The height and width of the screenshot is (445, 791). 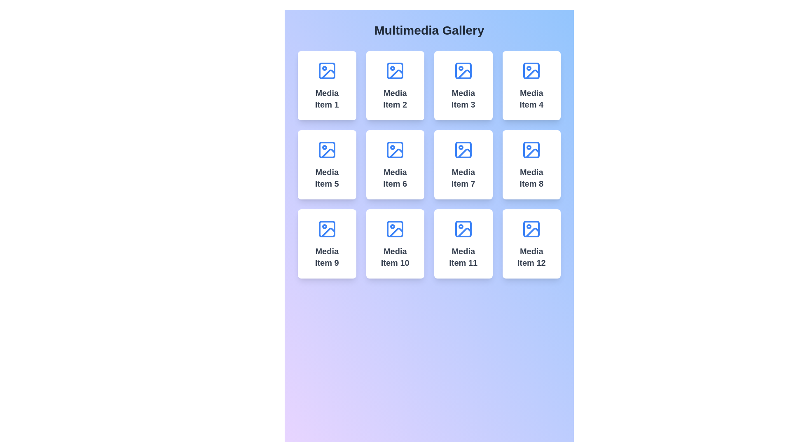 What do you see at coordinates (463, 86) in the screenshot?
I see `the third card in the first row of the grid layout that presents information or performs an action related to 'Media Item 3' to interact` at bounding box center [463, 86].